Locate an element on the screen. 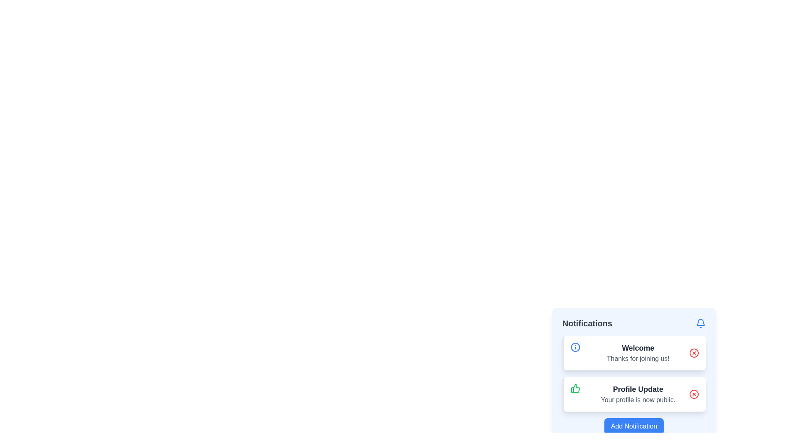 Image resolution: width=791 pixels, height=445 pixels. the Text Label that serves as a heading for the notifications section, positioned to the far left of its siblings and adjacent to a bell icon is located at coordinates (587, 323).